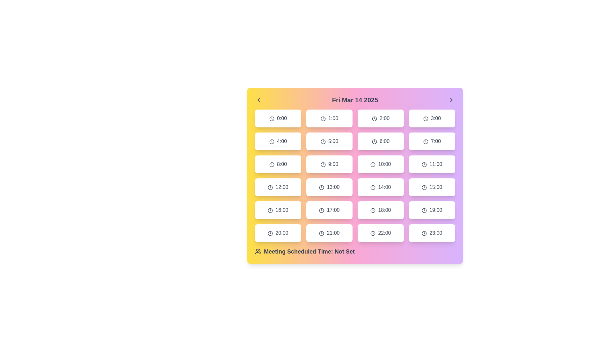  Describe the element at coordinates (426, 141) in the screenshot. I see `circular clock icon located in the '7:00' time slot of the grid, which is positioned in the rightmost position of the second row` at that location.